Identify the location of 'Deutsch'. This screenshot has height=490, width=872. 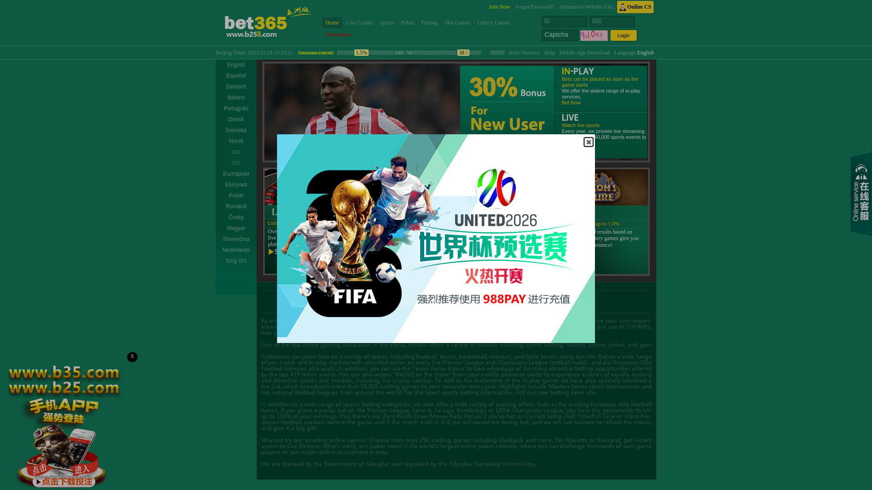
(215, 87).